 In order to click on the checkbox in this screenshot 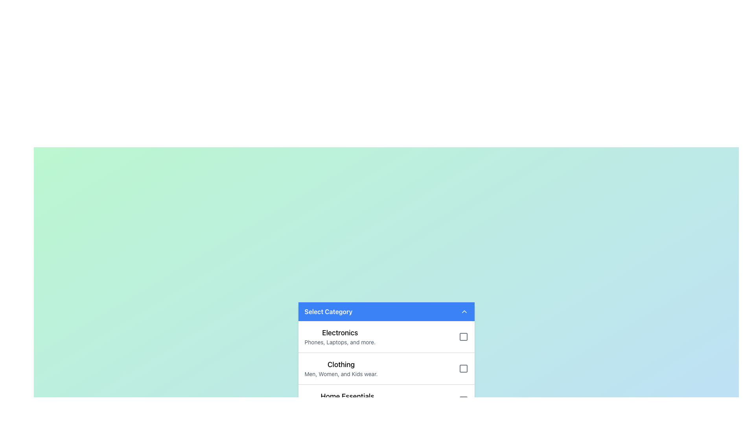, I will do `click(386, 368)`.